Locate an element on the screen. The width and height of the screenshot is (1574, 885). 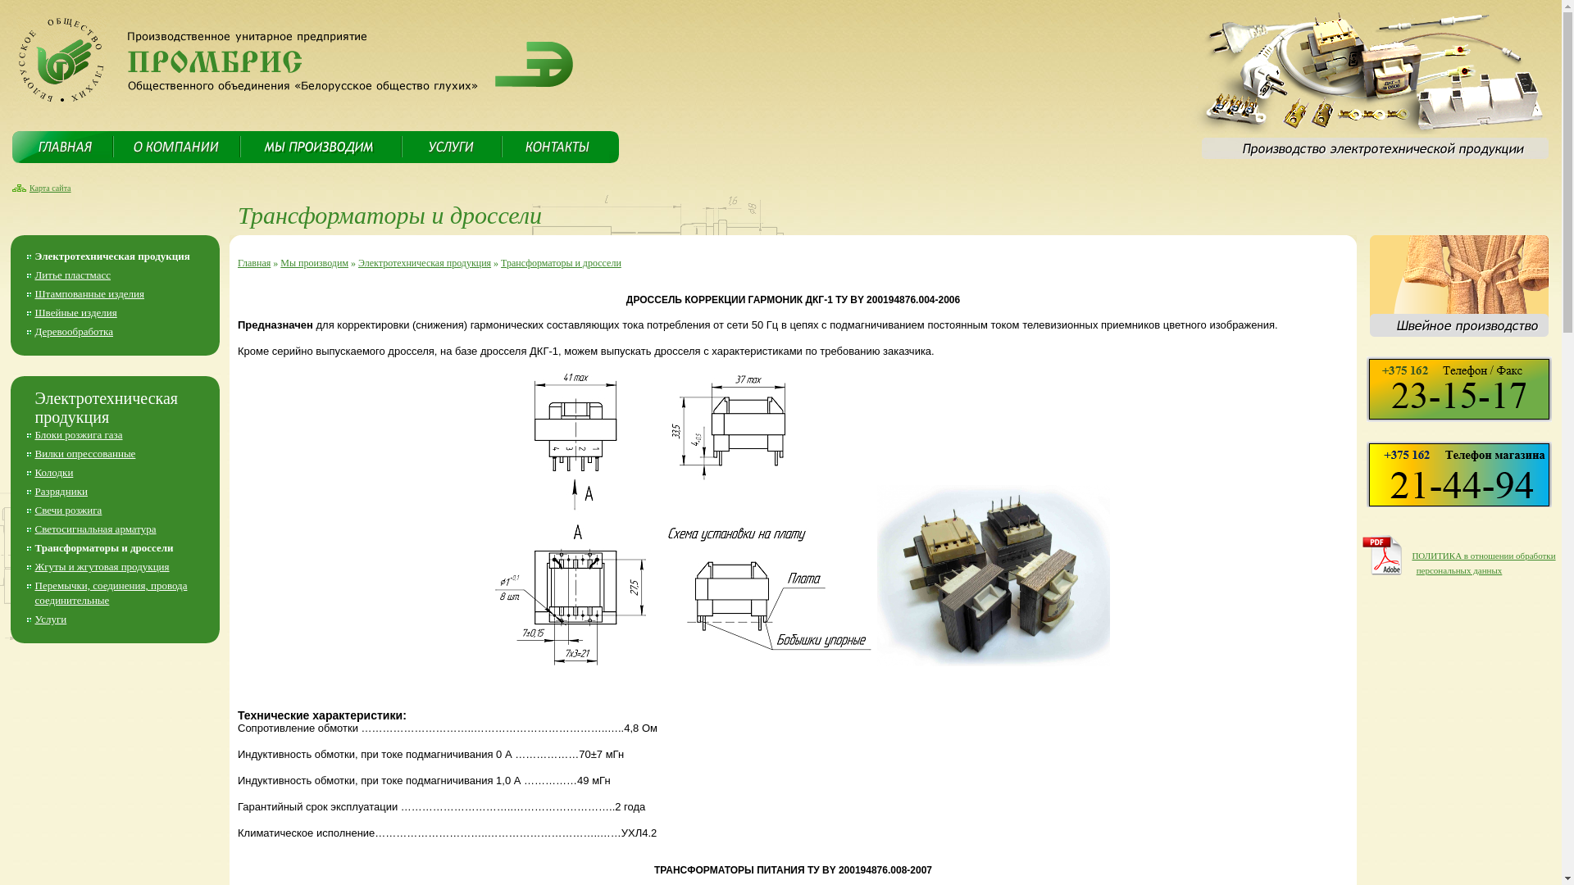
'transformatori2 .jpg' is located at coordinates (992, 574).